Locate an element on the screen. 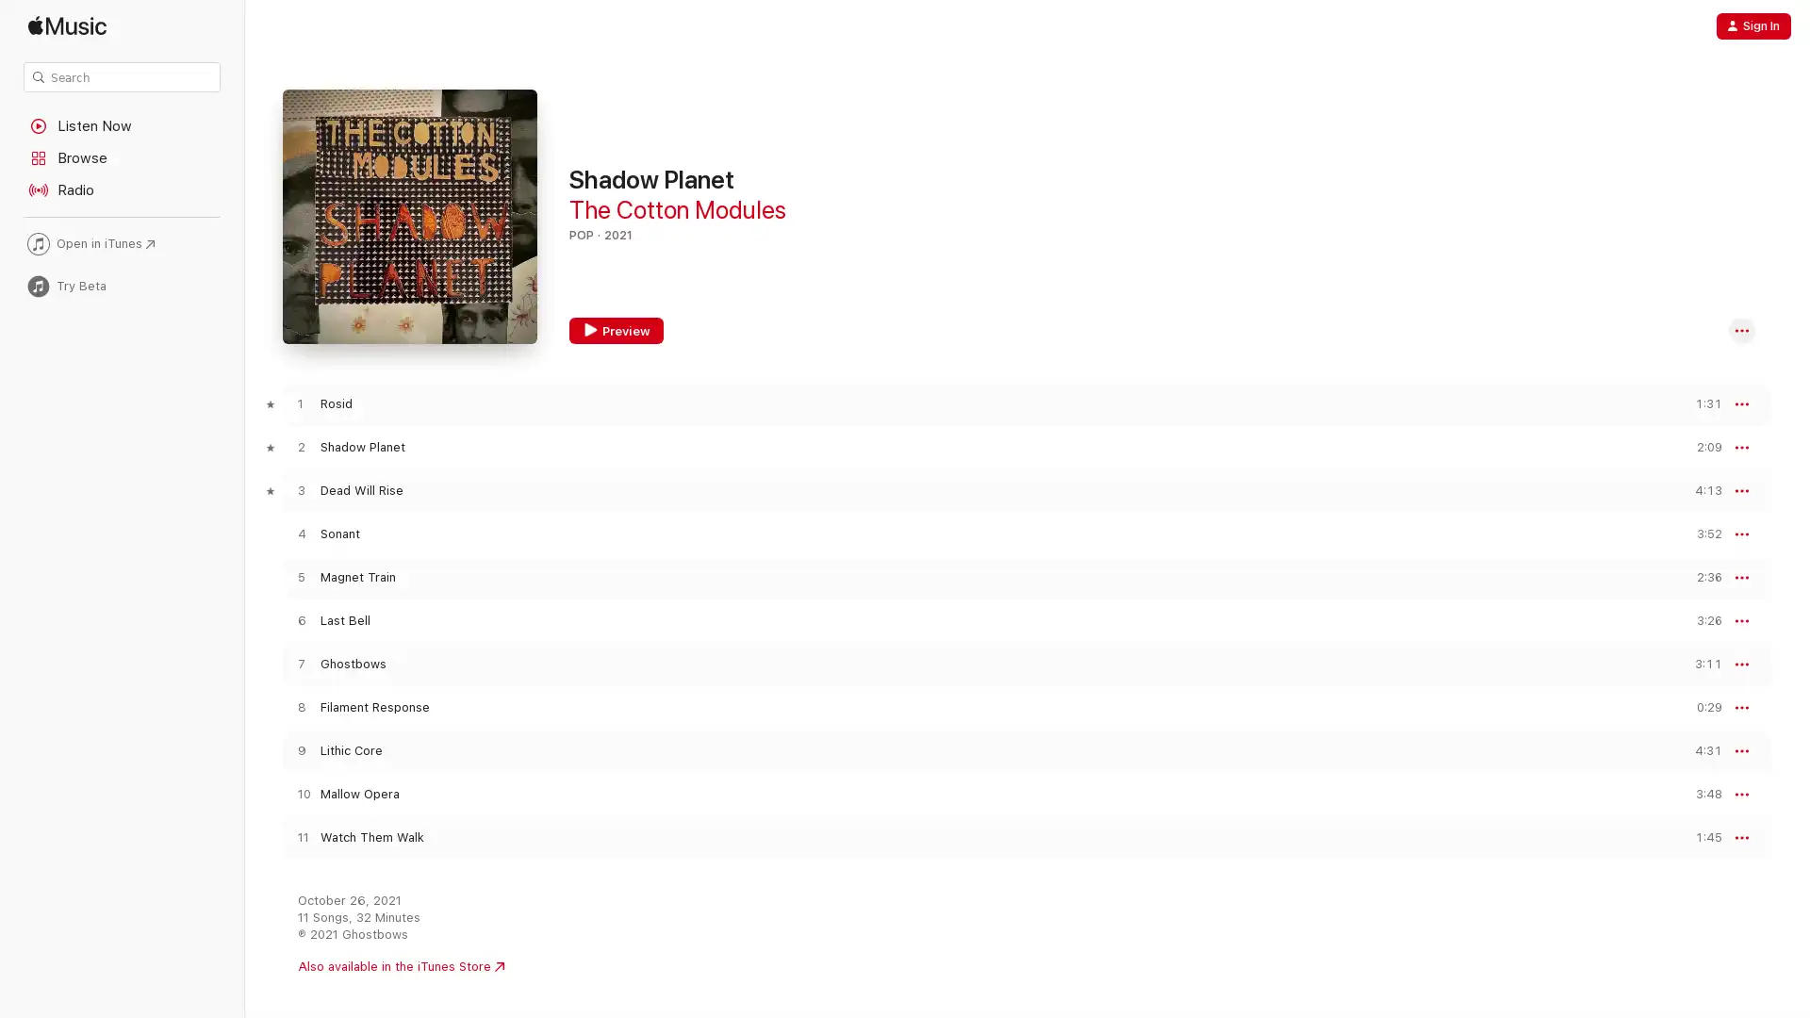 The image size is (1810, 1018). Sign In is located at coordinates (1752, 25).